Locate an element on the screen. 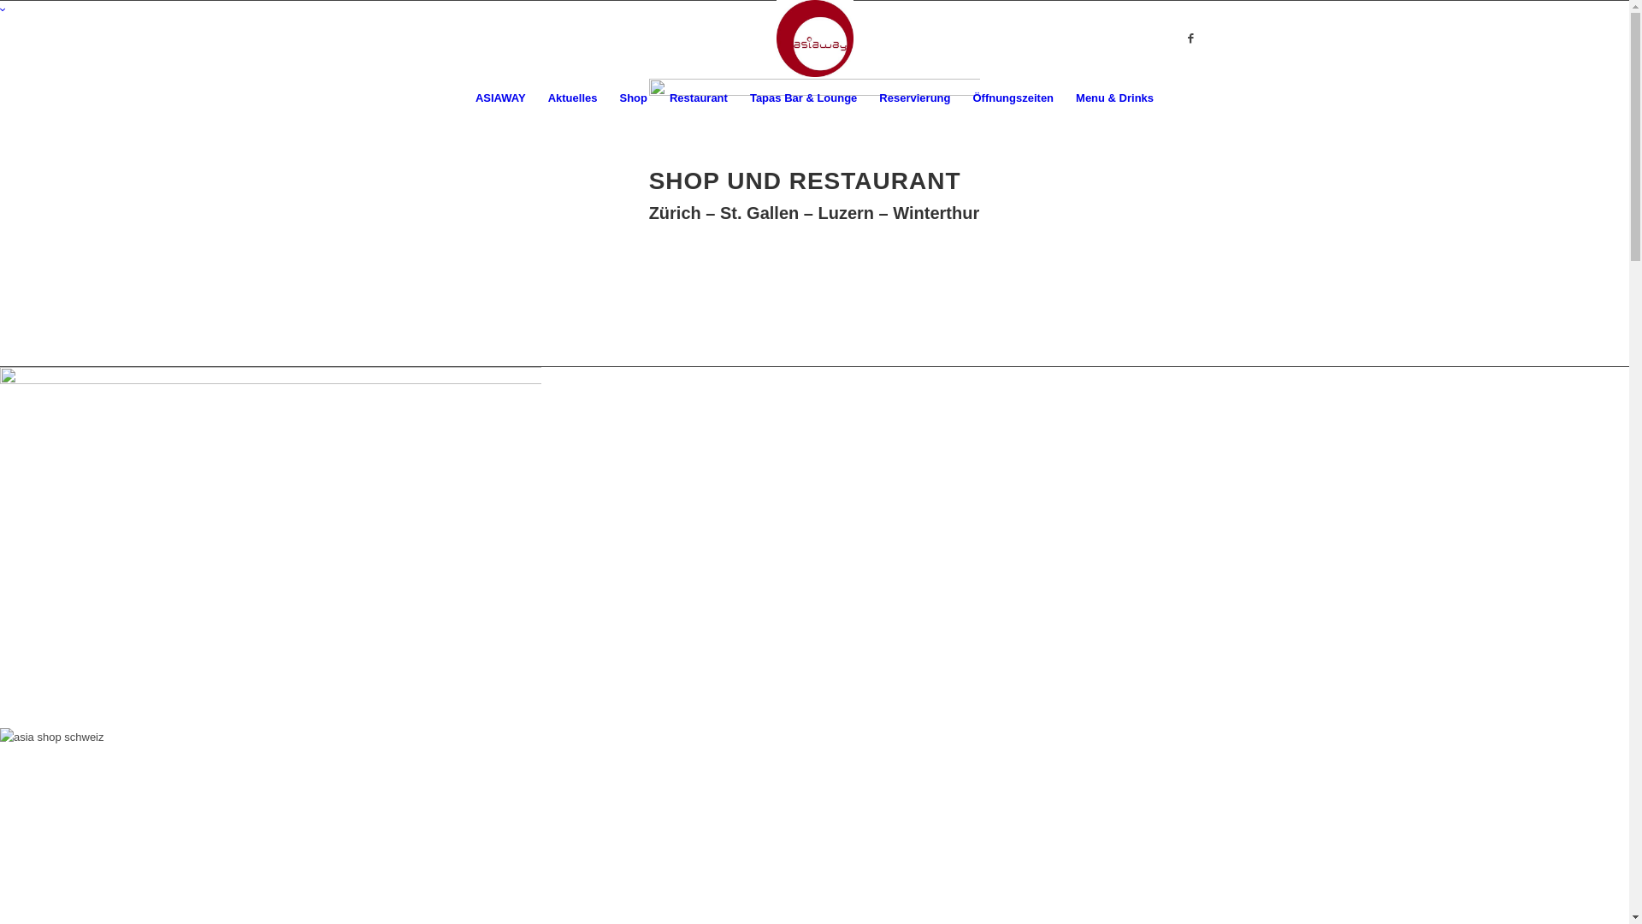 This screenshot has height=924, width=1642. 'Facebook' is located at coordinates (1190, 38).